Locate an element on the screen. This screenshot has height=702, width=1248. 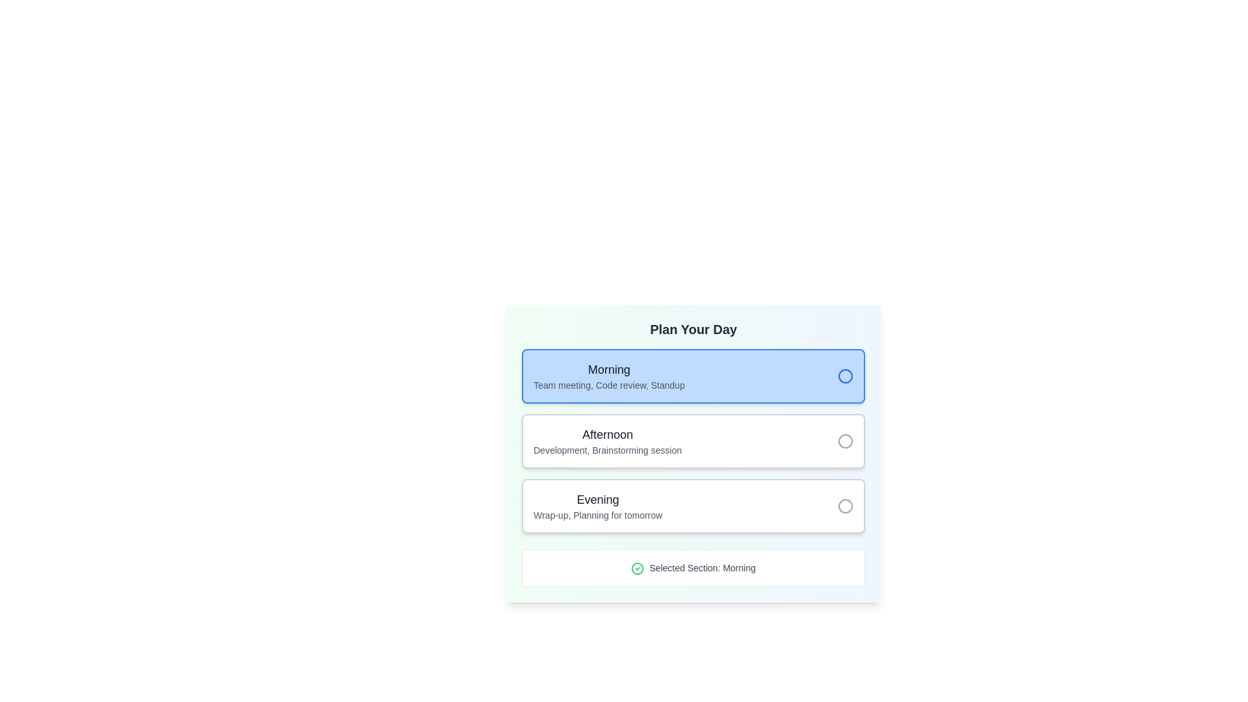
the descriptive summary text located below the 'Morning' header within the blue-highlighted 'Plan Your Day' interface is located at coordinates (608, 385).